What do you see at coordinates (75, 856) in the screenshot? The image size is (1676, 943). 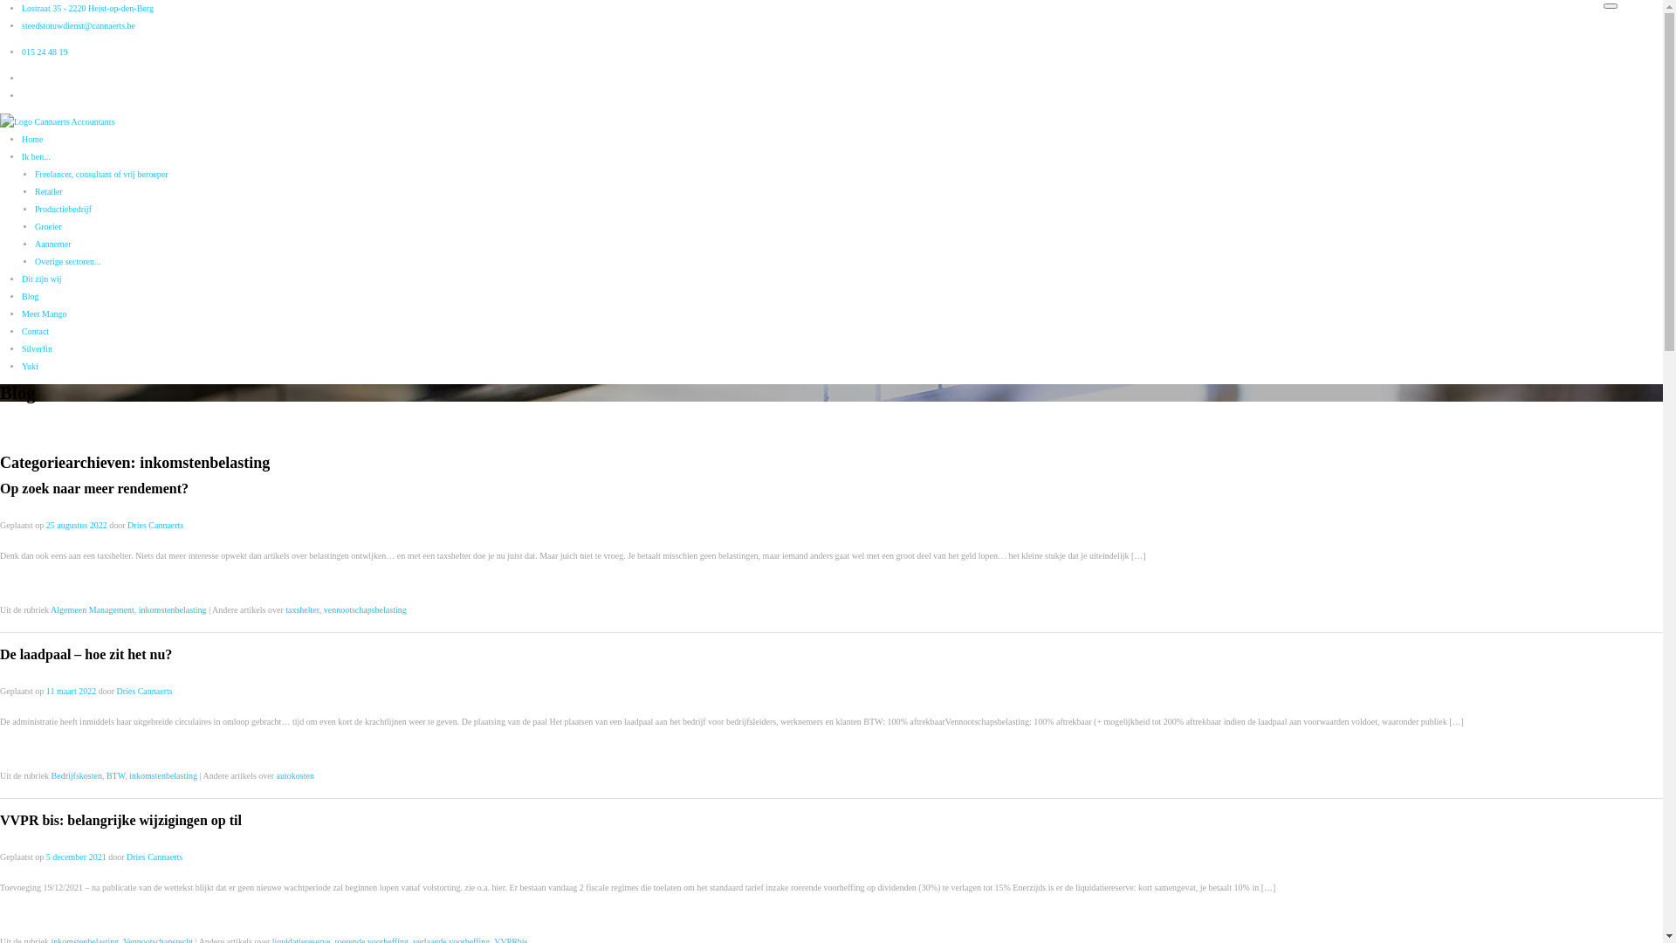 I see `'5 december 2021'` at bounding box center [75, 856].